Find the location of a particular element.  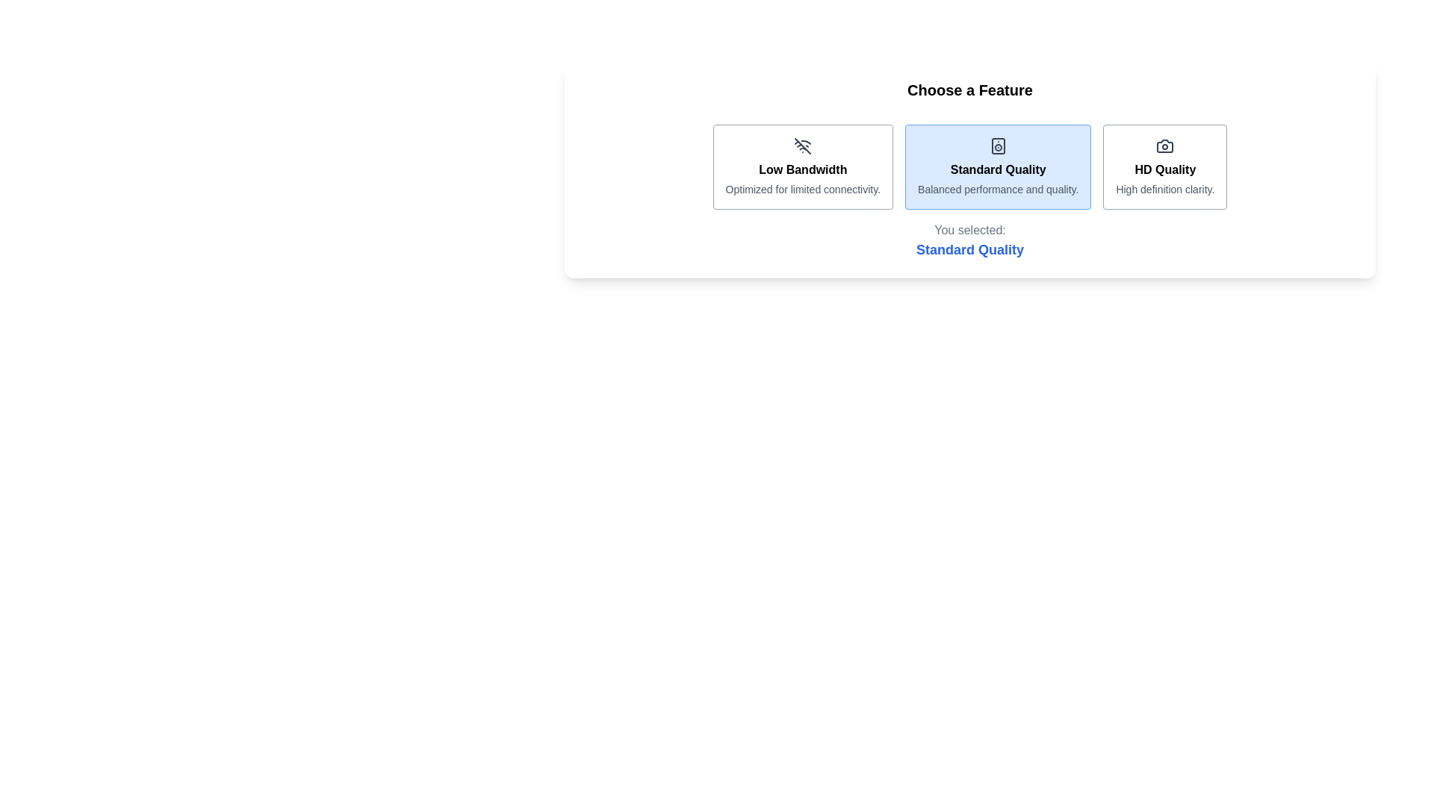

the text label displaying 'Standard Quality', which is the title of the second card from the left in a grid layout of three options is located at coordinates (998, 169).